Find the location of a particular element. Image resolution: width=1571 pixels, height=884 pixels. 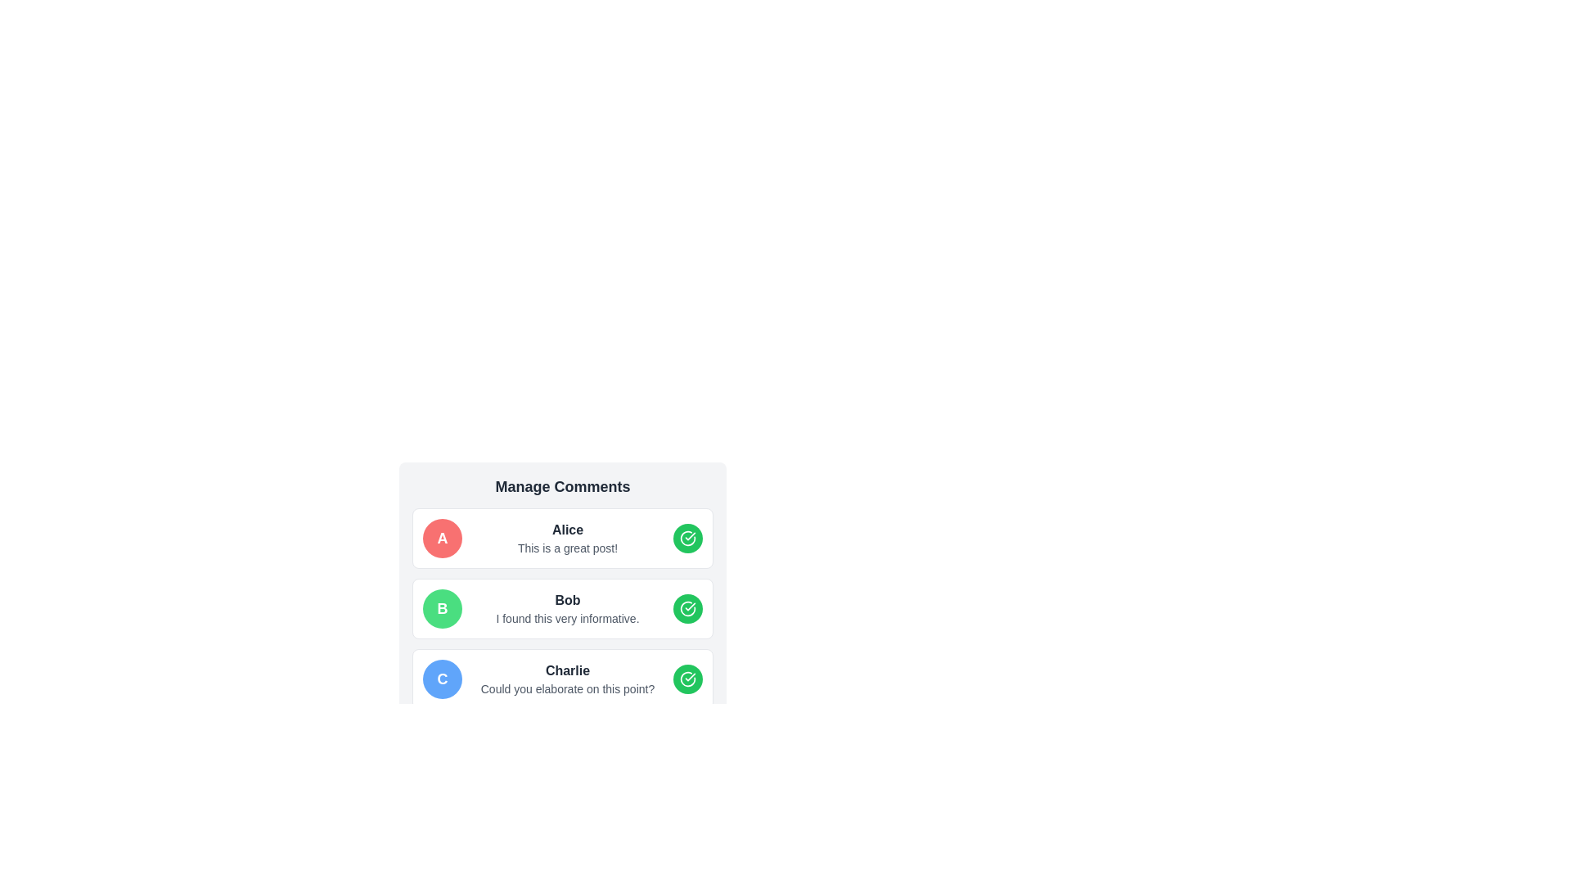

the confirmation button located in the bottom-right corner of Charlie's comment card to observe the hover effect is located at coordinates (687, 679).